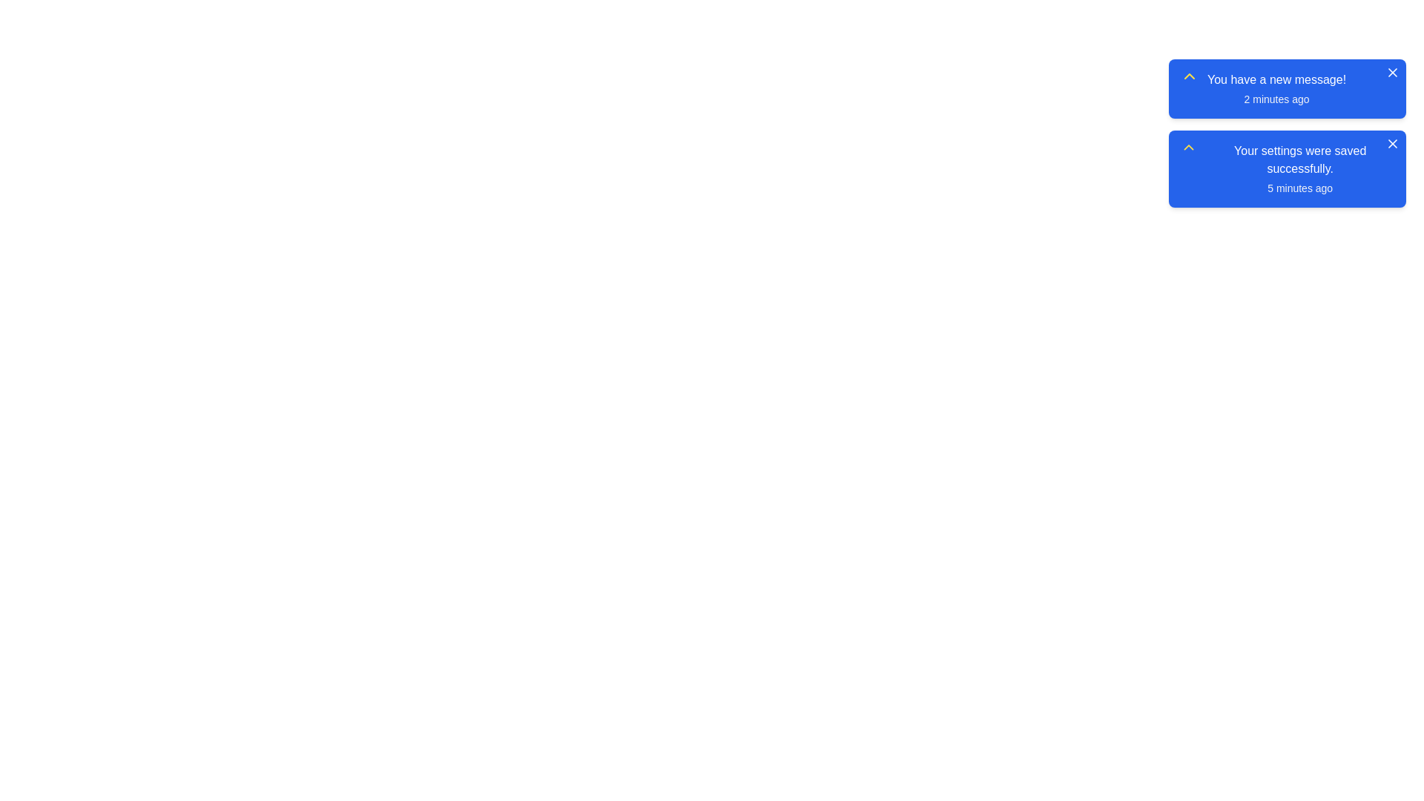  I want to click on the icon on the left of the notification 1, so click(1189, 78).